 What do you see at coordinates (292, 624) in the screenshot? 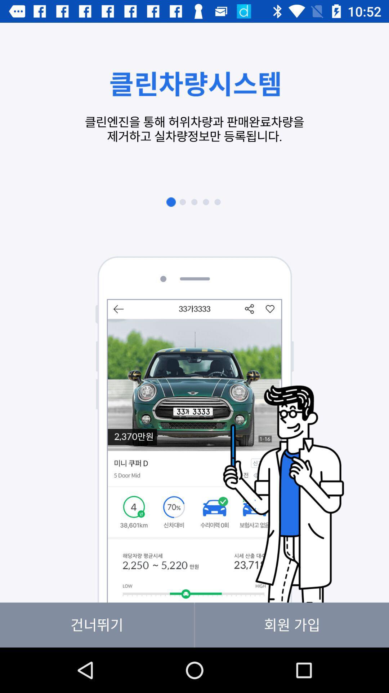
I see `item at the bottom right corner` at bounding box center [292, 624].